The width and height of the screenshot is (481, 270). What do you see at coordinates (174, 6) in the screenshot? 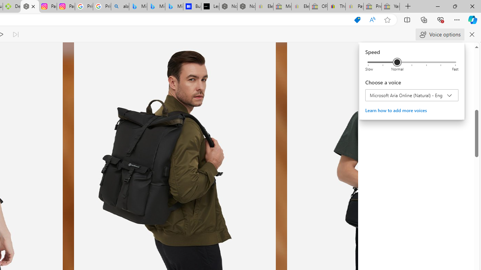
I see `'Microsoft Bing Travel - Shangri-La Hotel Bangkok'` at bounding box center [174, 6].